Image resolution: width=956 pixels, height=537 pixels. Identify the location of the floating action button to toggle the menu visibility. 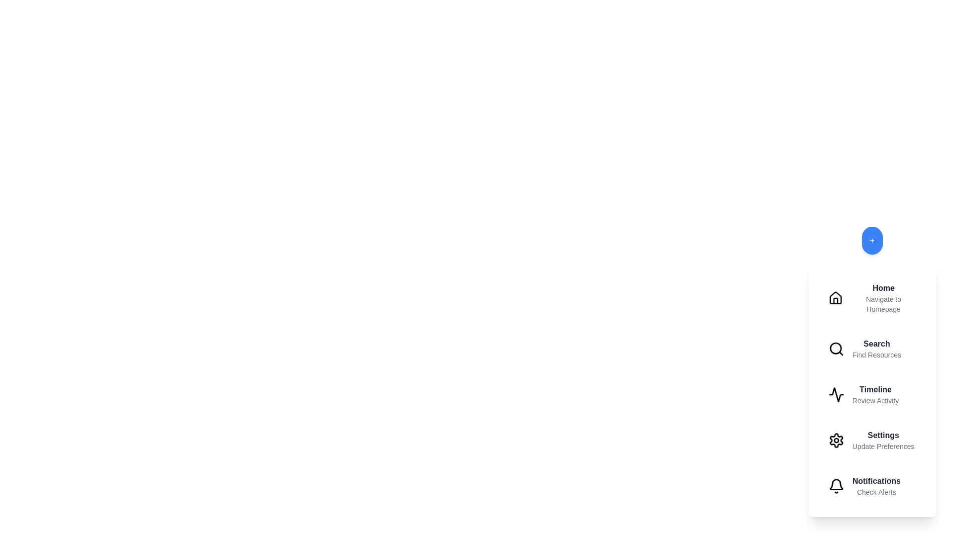
(872, 240).